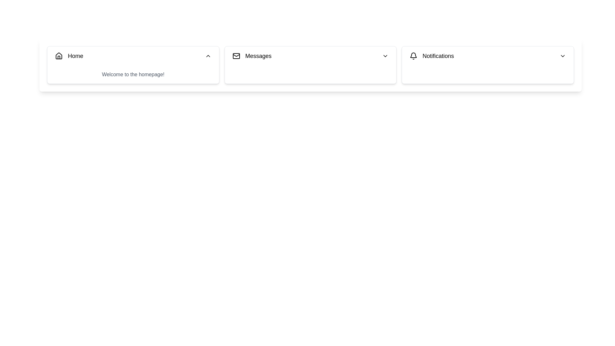 The image size is (615, 346). I want to click on the upward direction icon located in the upper-right corner of the 'Home' card, so click(208, 55).